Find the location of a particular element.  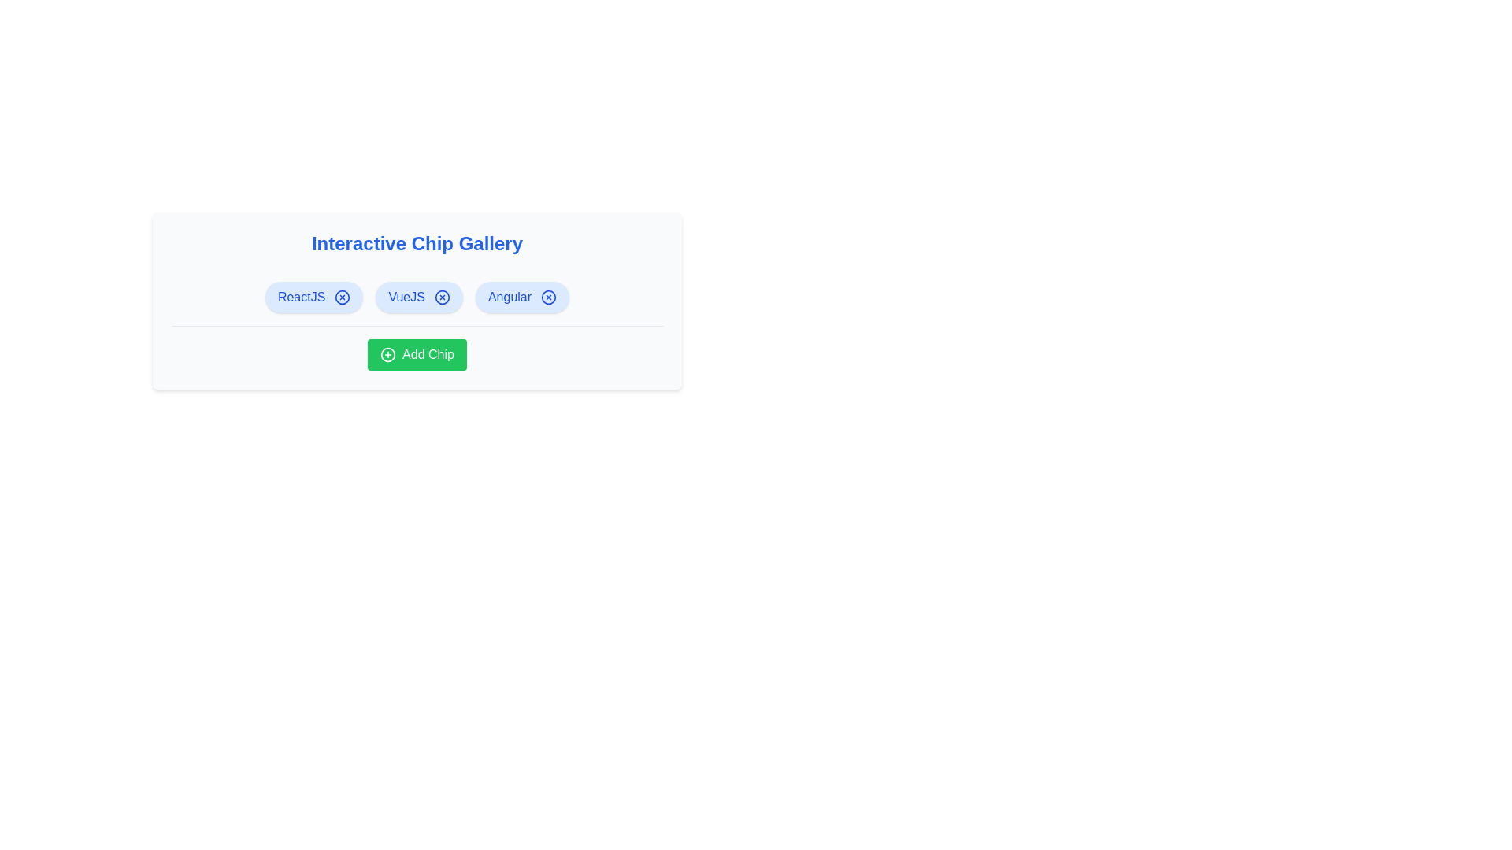

the 'X' icon of the chip labeled Angular to remove it is located at coordinates (549, 297).